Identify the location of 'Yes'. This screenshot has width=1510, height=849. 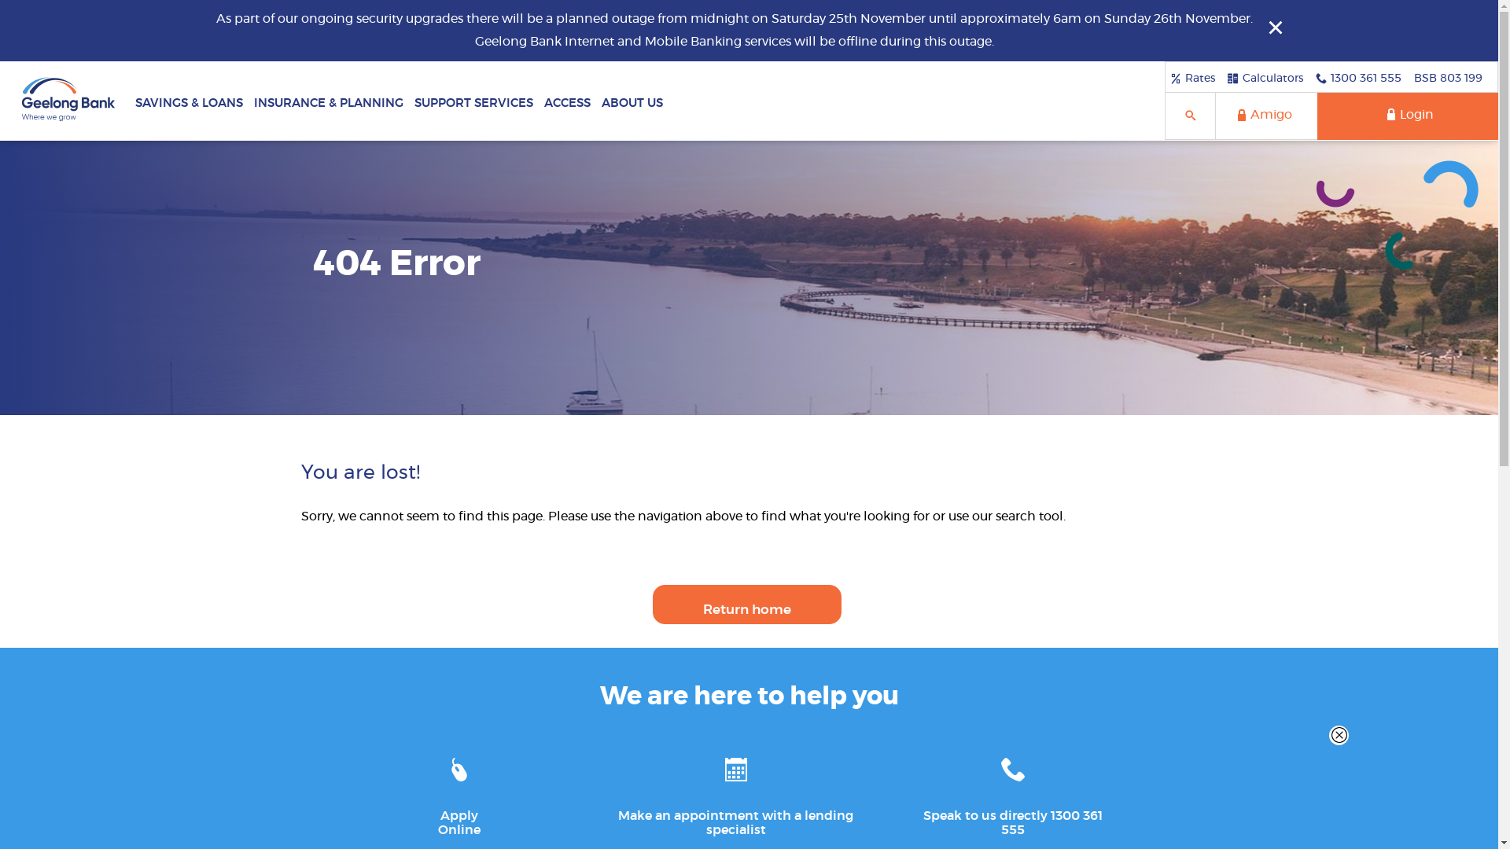
(5, 5).